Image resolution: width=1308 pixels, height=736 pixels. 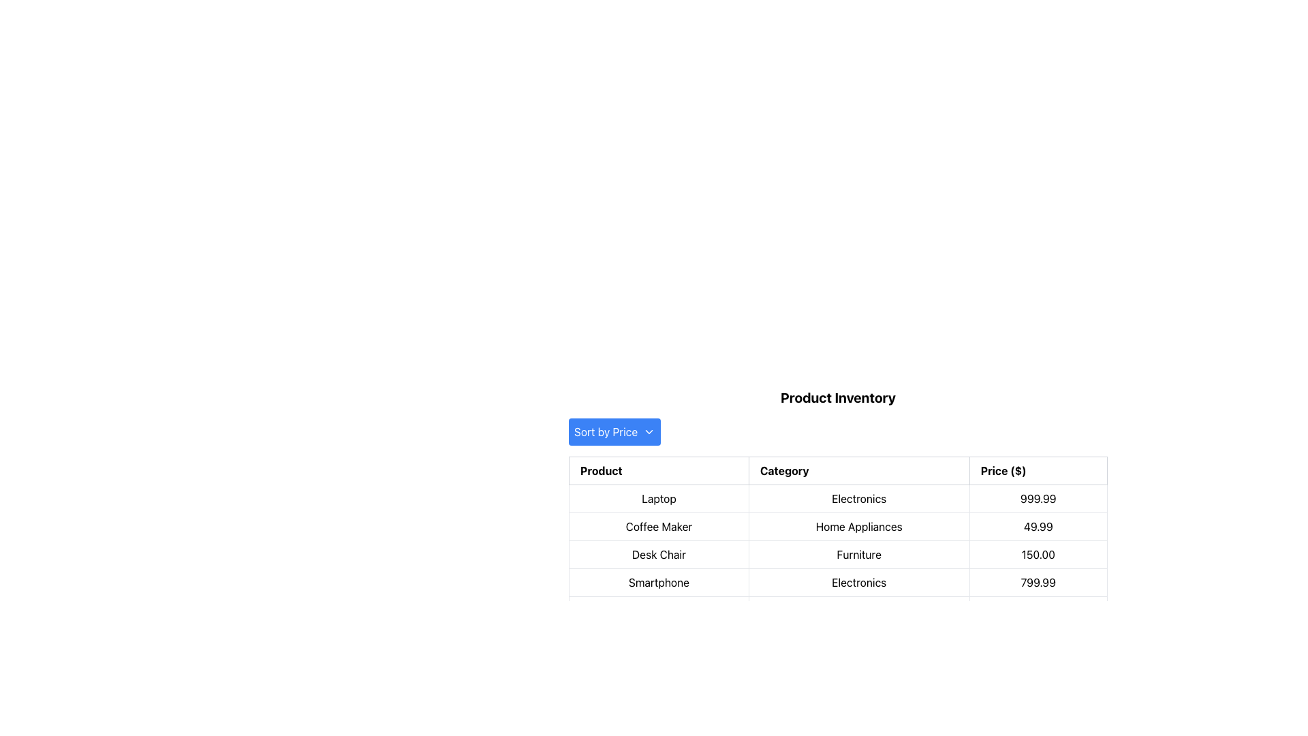 What do you see at coordinates (837, 525) in the screenshot?
I see `the table row displaying 'Coffee Maker', 'Home Appliances', and '49.99', which is located in the second row of the table, between 'Laptop Electronics 999.99' and 'Desk Chair Furniture 150.00'` at bounding box center [837, 525].